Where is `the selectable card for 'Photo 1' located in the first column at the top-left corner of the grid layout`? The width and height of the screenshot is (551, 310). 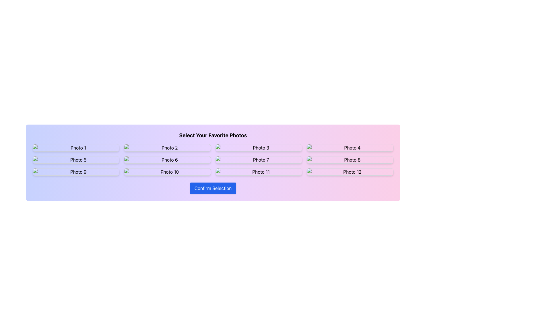
the selectable card for 'Photo 1' located in the first column at the top-left corner of the grid layout is located at coordinates (76, 148).